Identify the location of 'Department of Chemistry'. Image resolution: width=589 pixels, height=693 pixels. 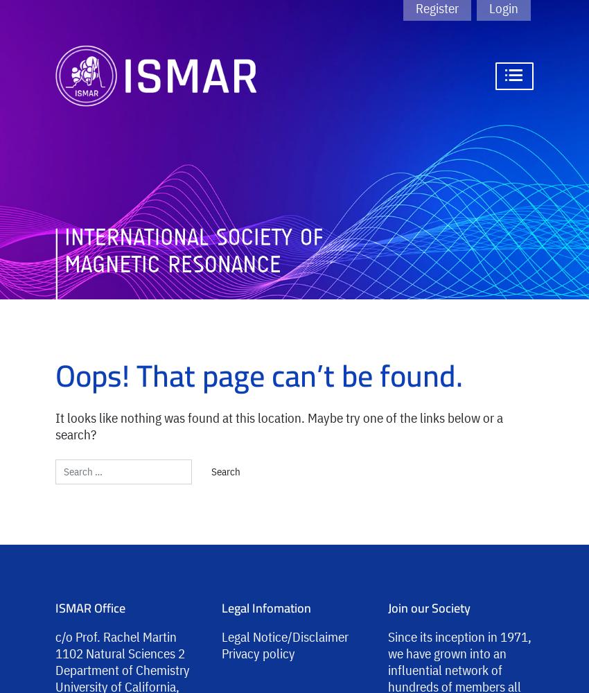
(121, 669).